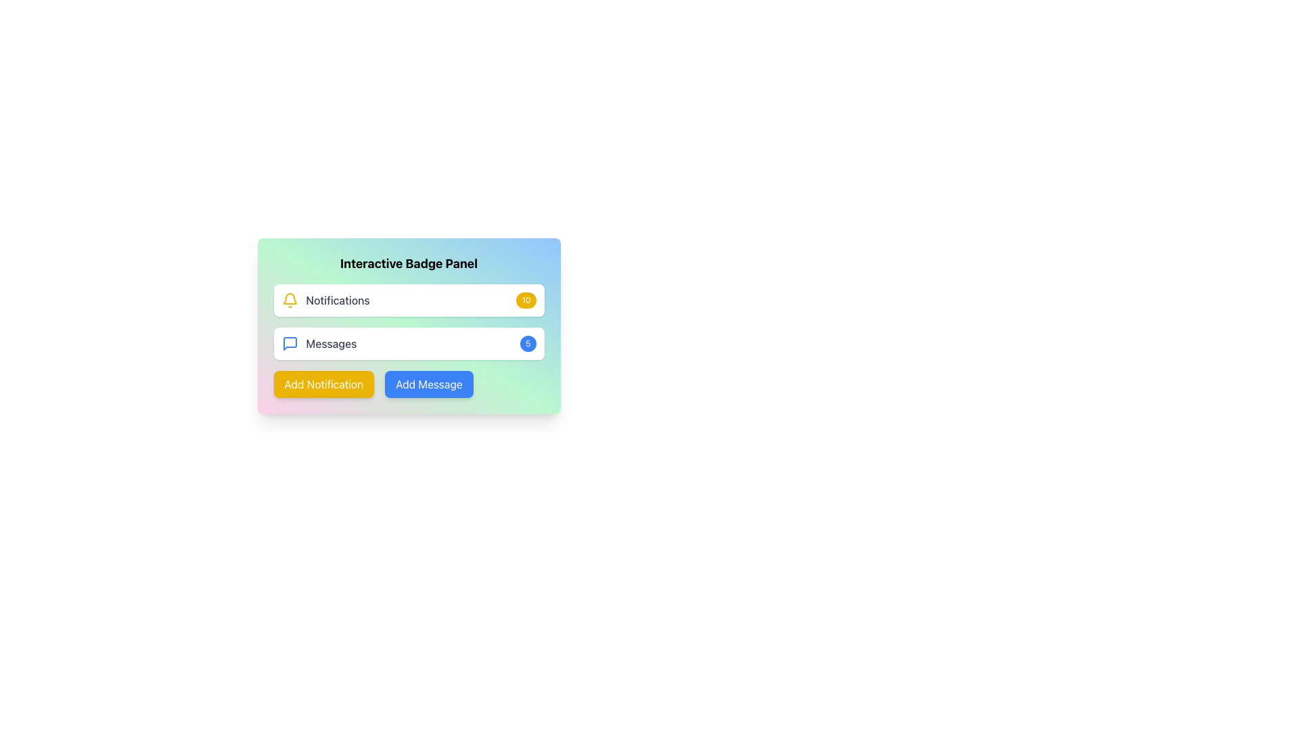  Describe the element at coordinates (323, 384) in the screenshot. I see `the rectangular button with a yellow background and white text reading 'Add Notification', located at the bottom of the 'Interactive Badge Panel'` at that location.